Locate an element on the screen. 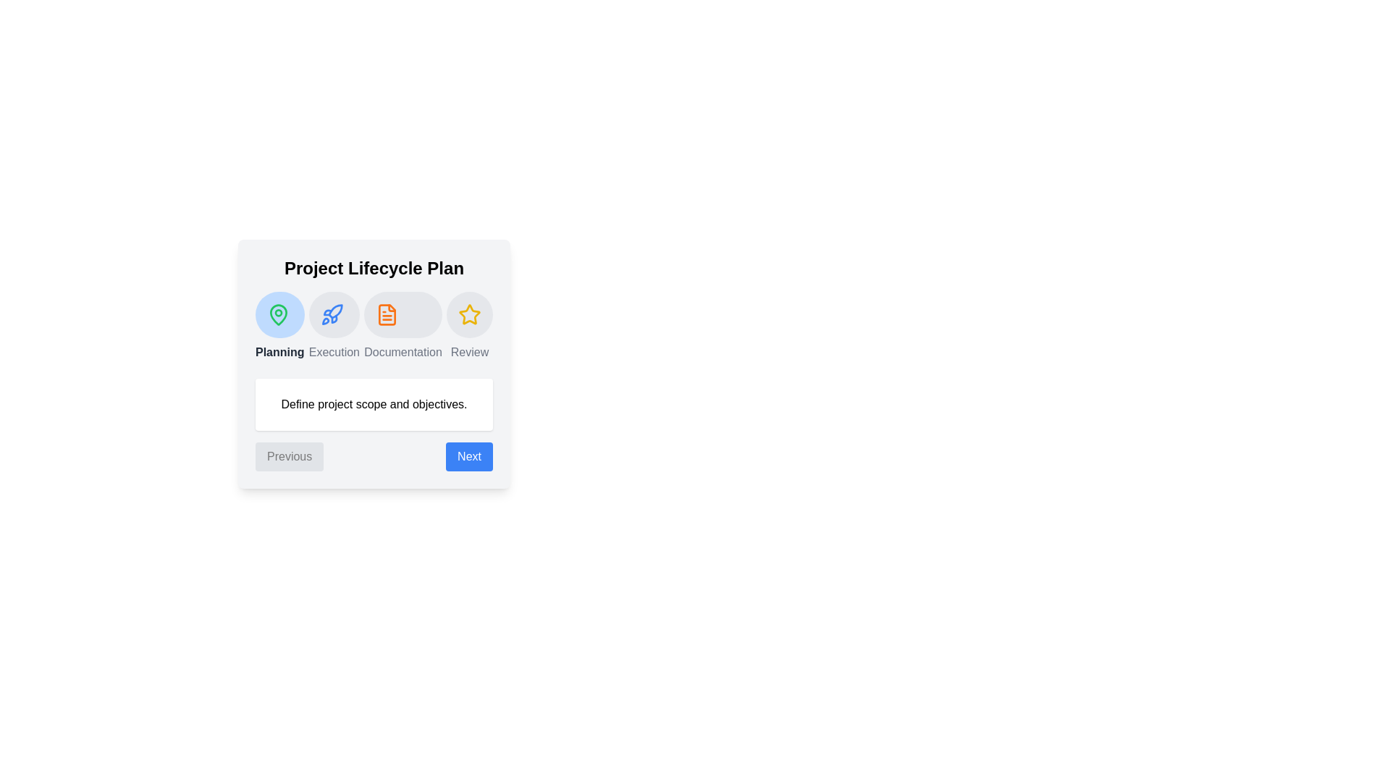 The width and height of the screenshot is (1390, 782). the phase Documentation by clicking on its icon or title is located at coordinates (387, 314).